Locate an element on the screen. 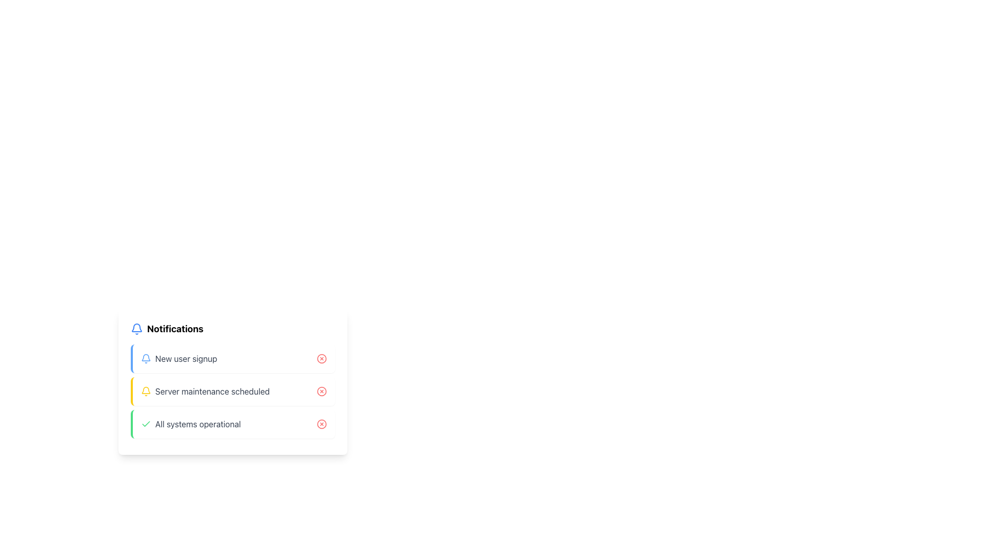  the blue outlined bell icon located next to the 'Notifications' label in the header of the notification list is located at coordinates (136, 329).